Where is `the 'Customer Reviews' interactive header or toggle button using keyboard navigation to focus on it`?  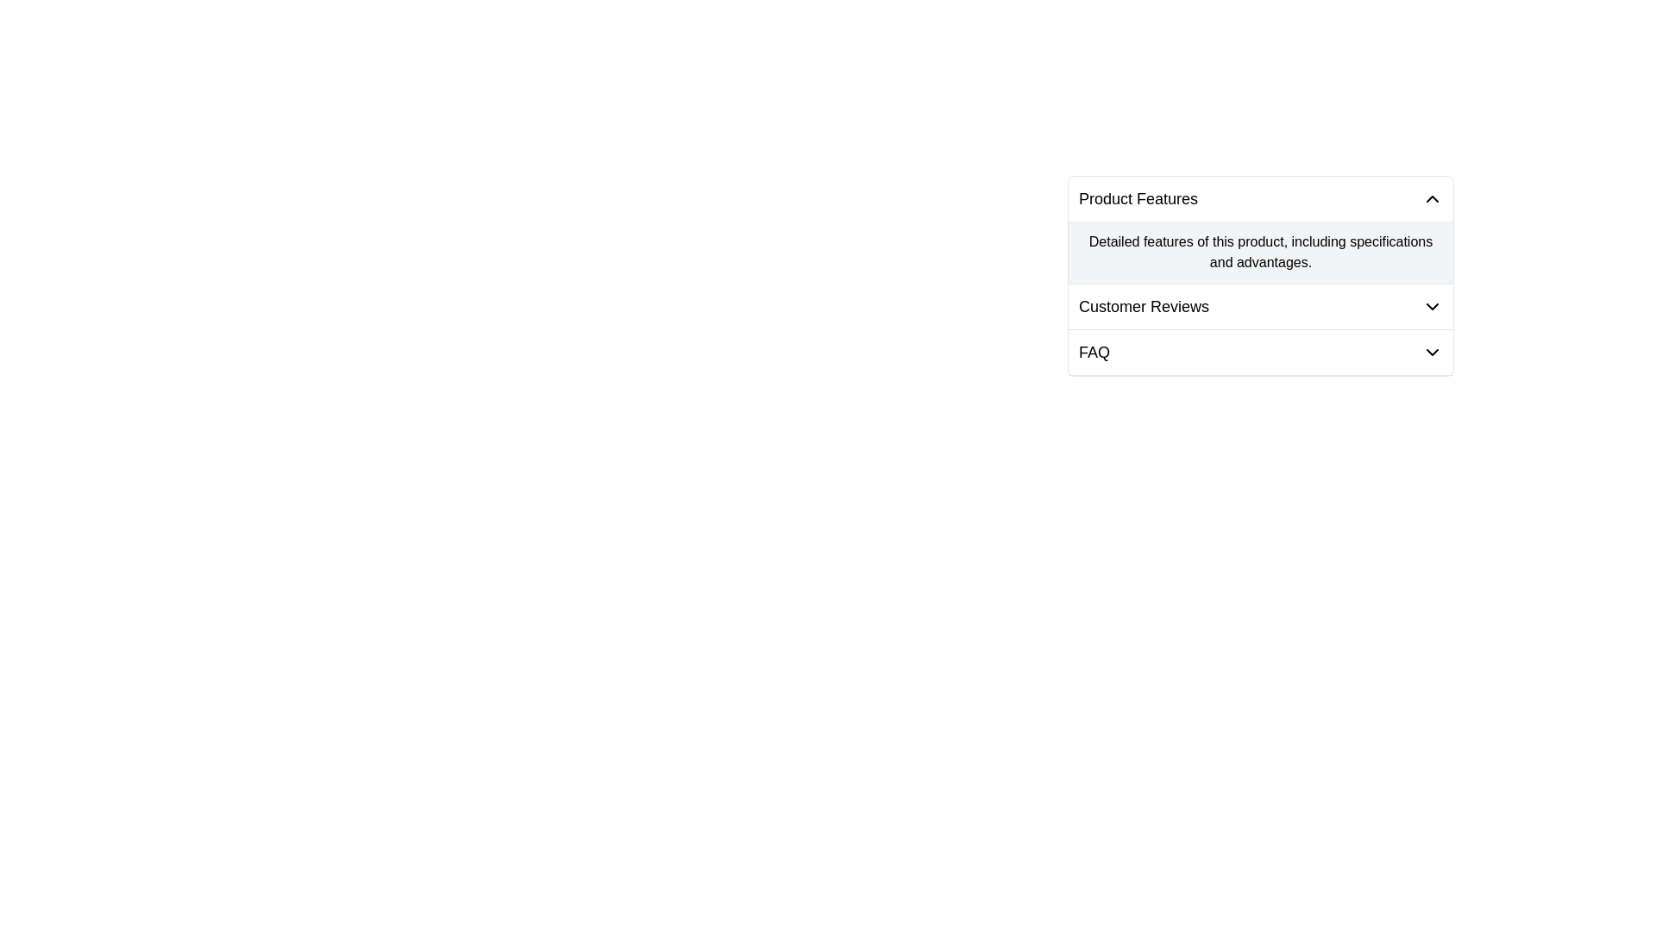
the 'Customer Reviews' interactive header or toggle button using keyboard navigation to focus on it is located at coordinates (1261, 305).